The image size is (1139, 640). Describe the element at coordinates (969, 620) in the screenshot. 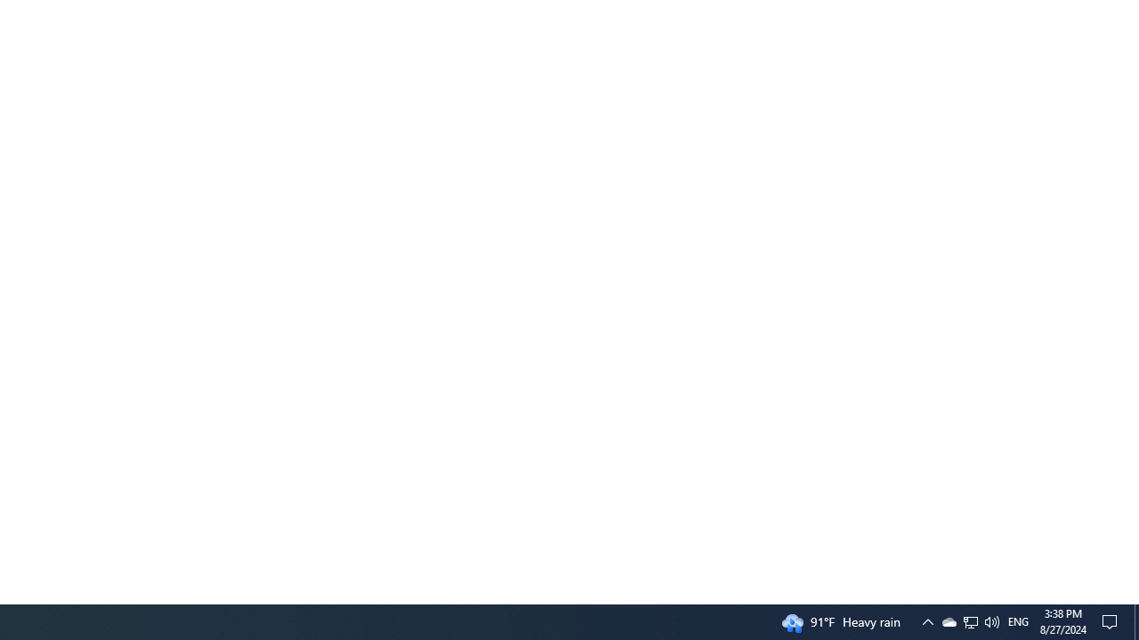

I see `'Tray Input Indicator - English (United States)'` at that location.